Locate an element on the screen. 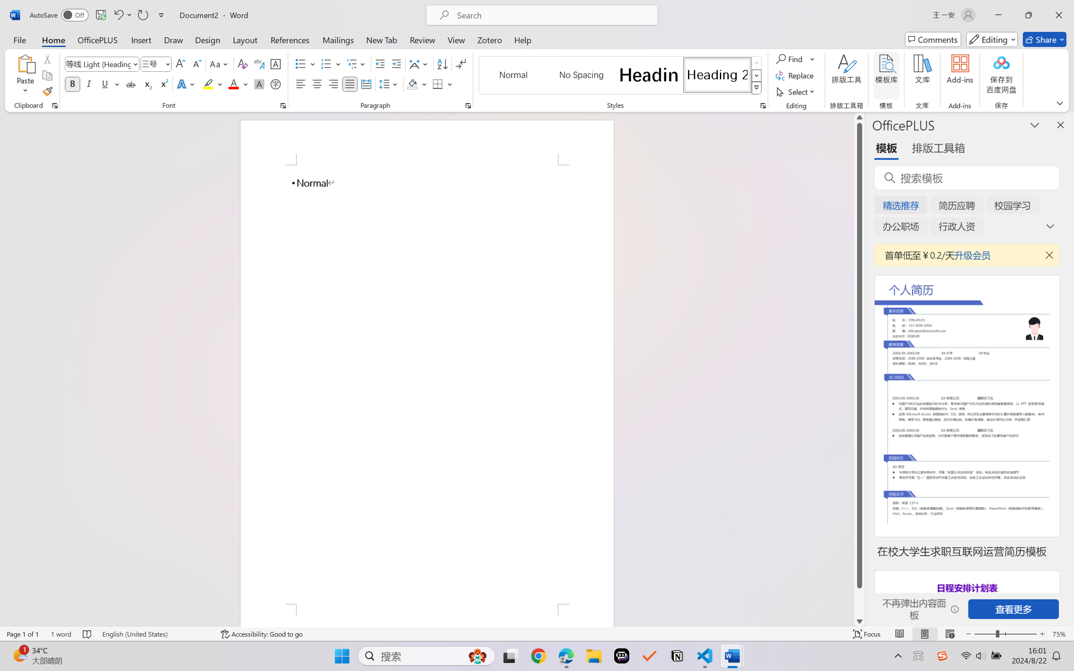 The image size is (1074, 671). 'Close' is located at coordinates (1058, 15).